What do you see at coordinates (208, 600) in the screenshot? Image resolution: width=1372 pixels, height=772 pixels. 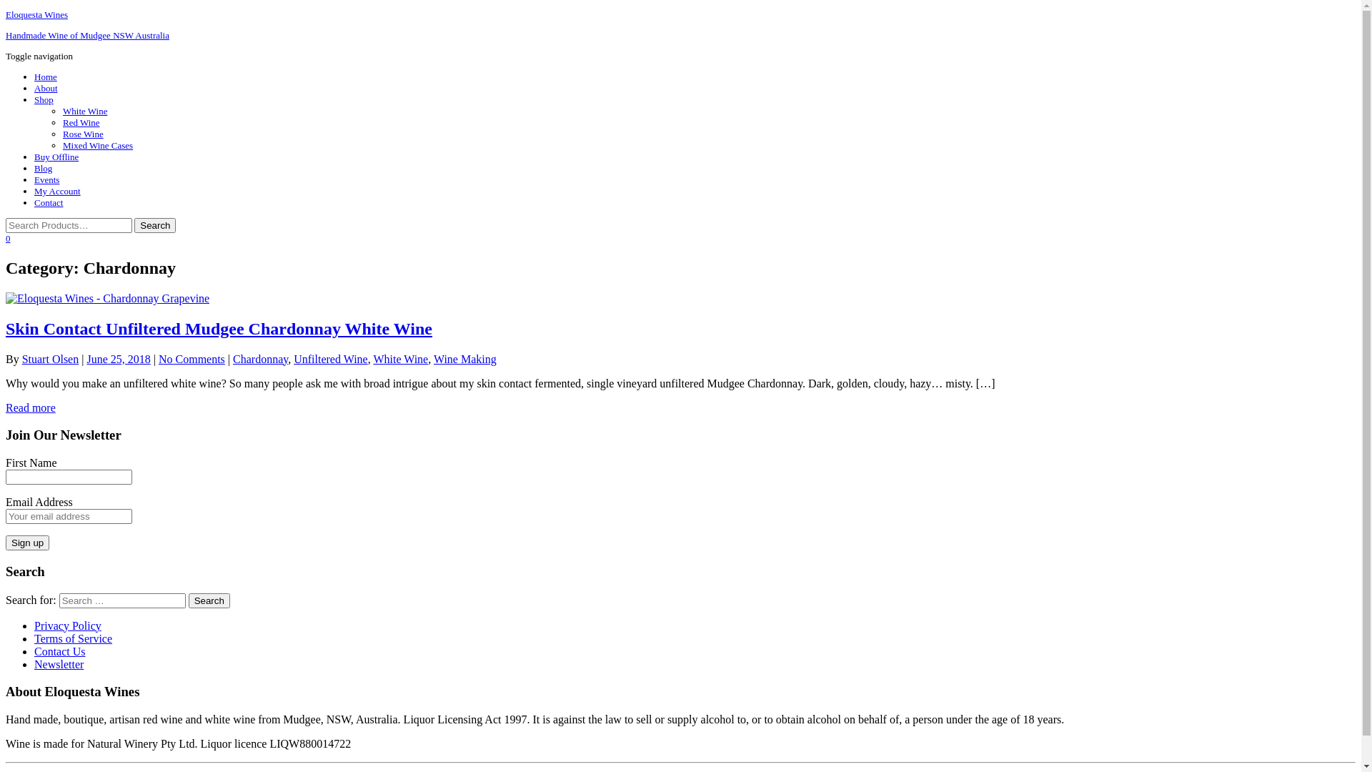 I see `'Search'` at bounding box center [208, 600].